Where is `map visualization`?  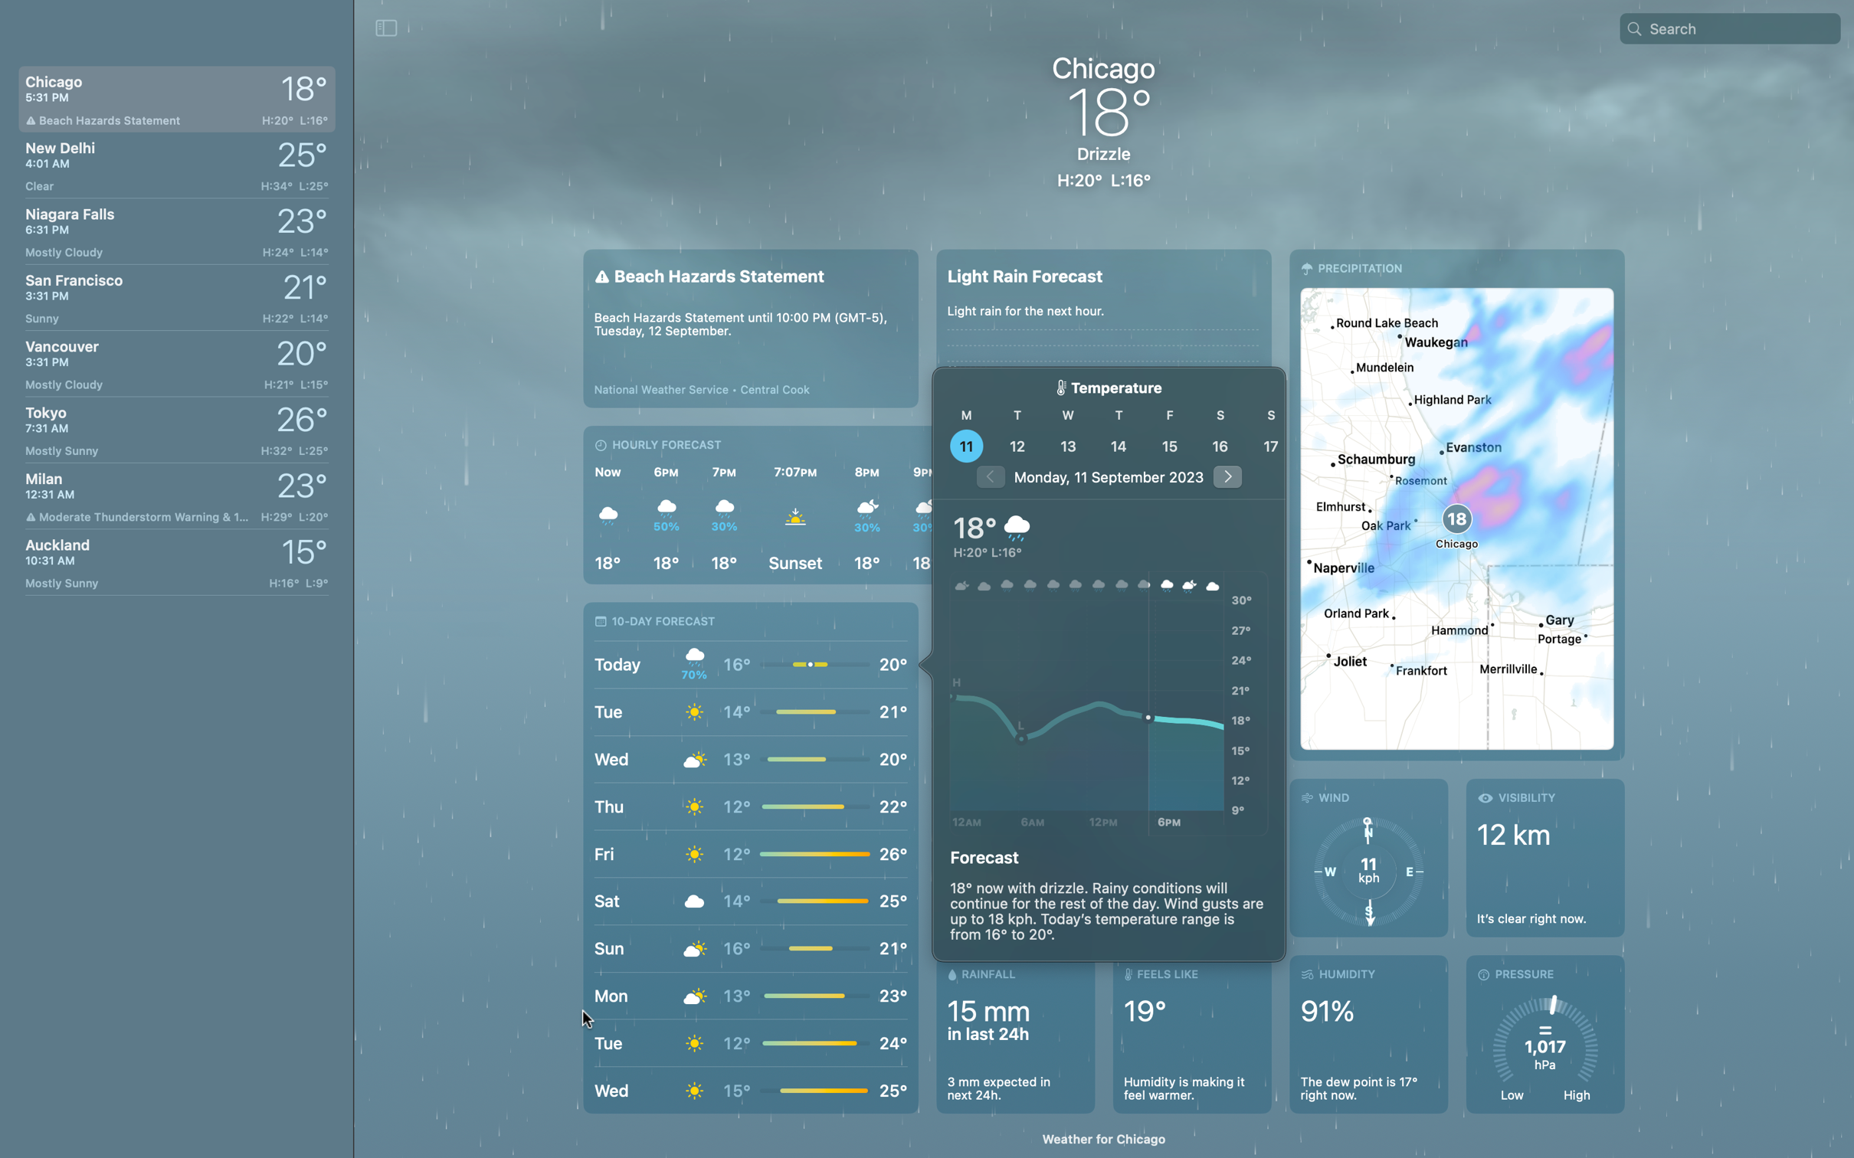 map visualization is located at coordinates (1455, 503).